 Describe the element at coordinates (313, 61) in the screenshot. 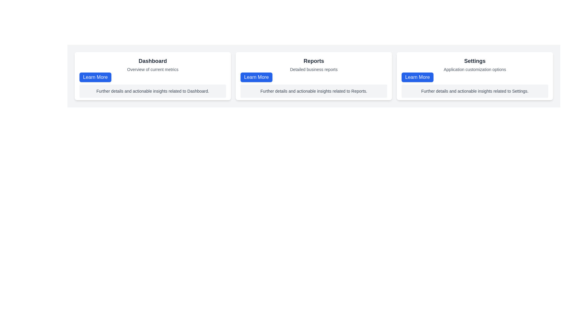

I see `the 'Reports' text label, which is a bold, dark gray header prominently located at the top of the middle card to trigger tooltips` at that location.